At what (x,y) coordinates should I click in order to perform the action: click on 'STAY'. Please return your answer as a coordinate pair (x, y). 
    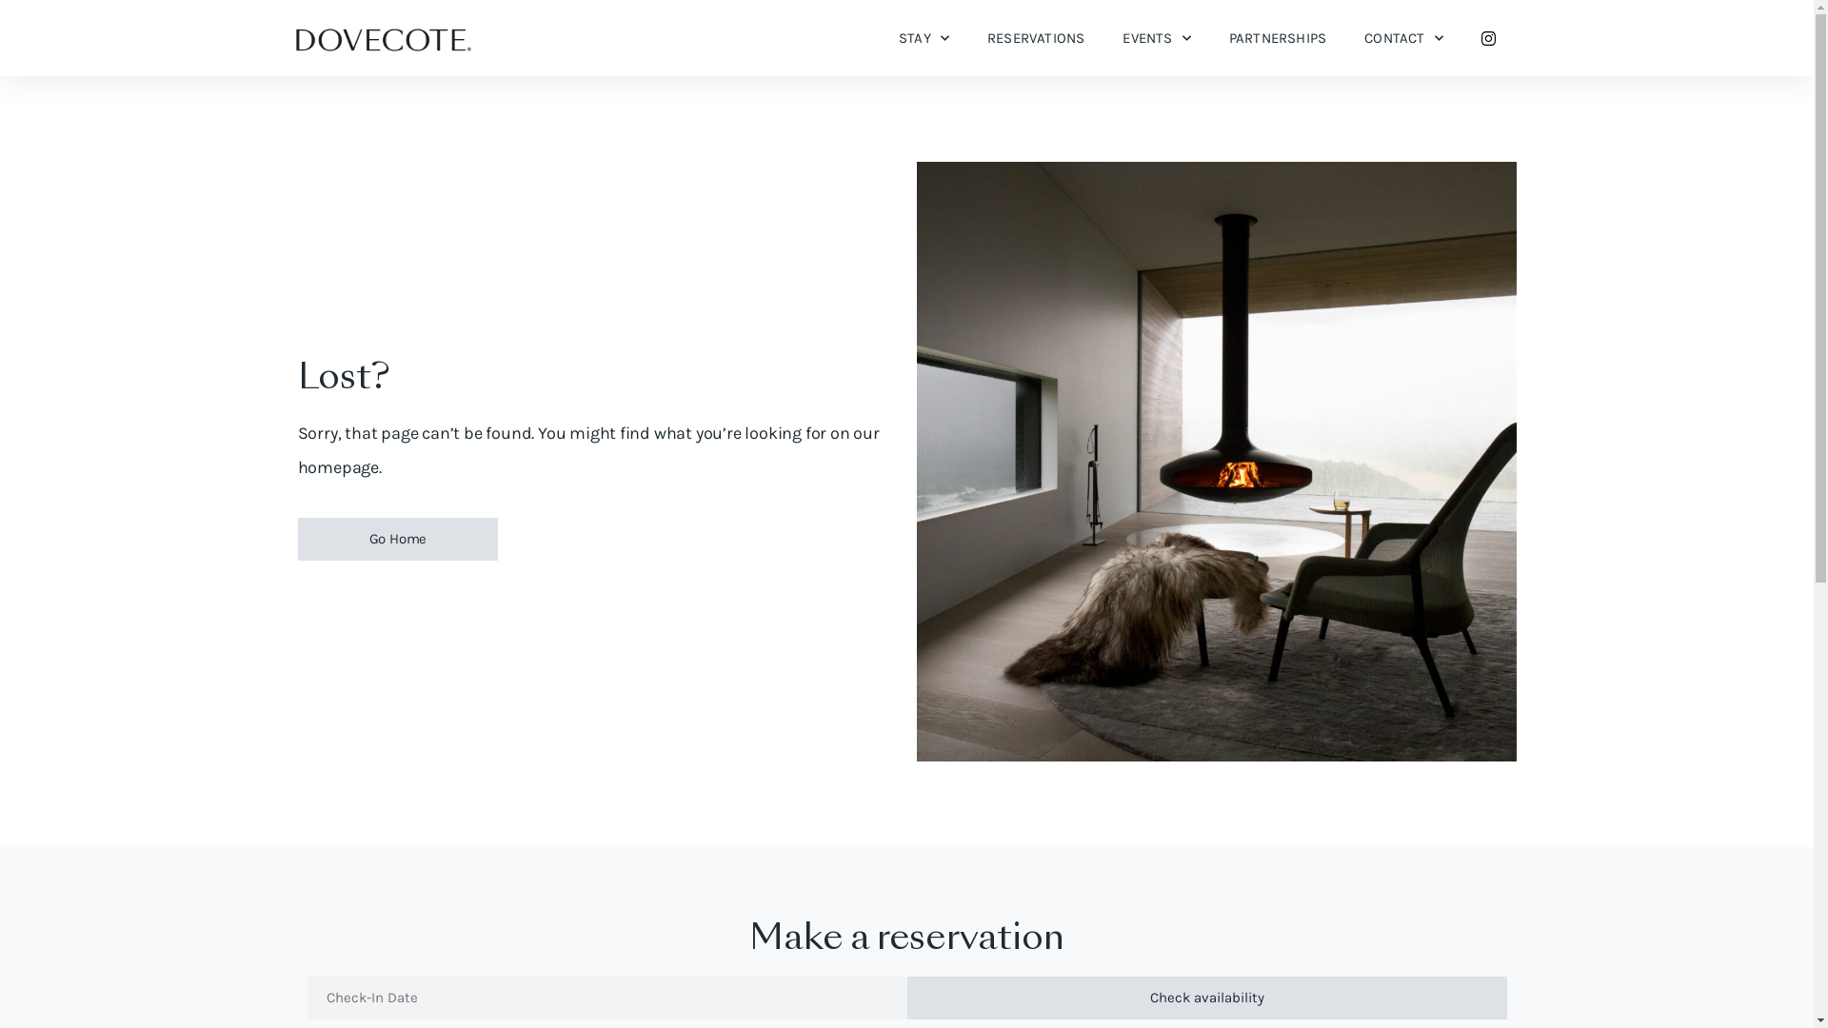
    Looking at the image, I should click on (924, 37).